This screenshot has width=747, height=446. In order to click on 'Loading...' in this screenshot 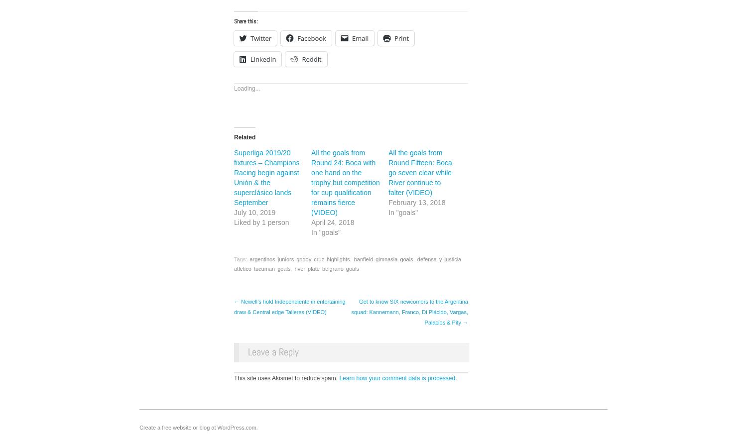, I will do `click(247, 89)`.